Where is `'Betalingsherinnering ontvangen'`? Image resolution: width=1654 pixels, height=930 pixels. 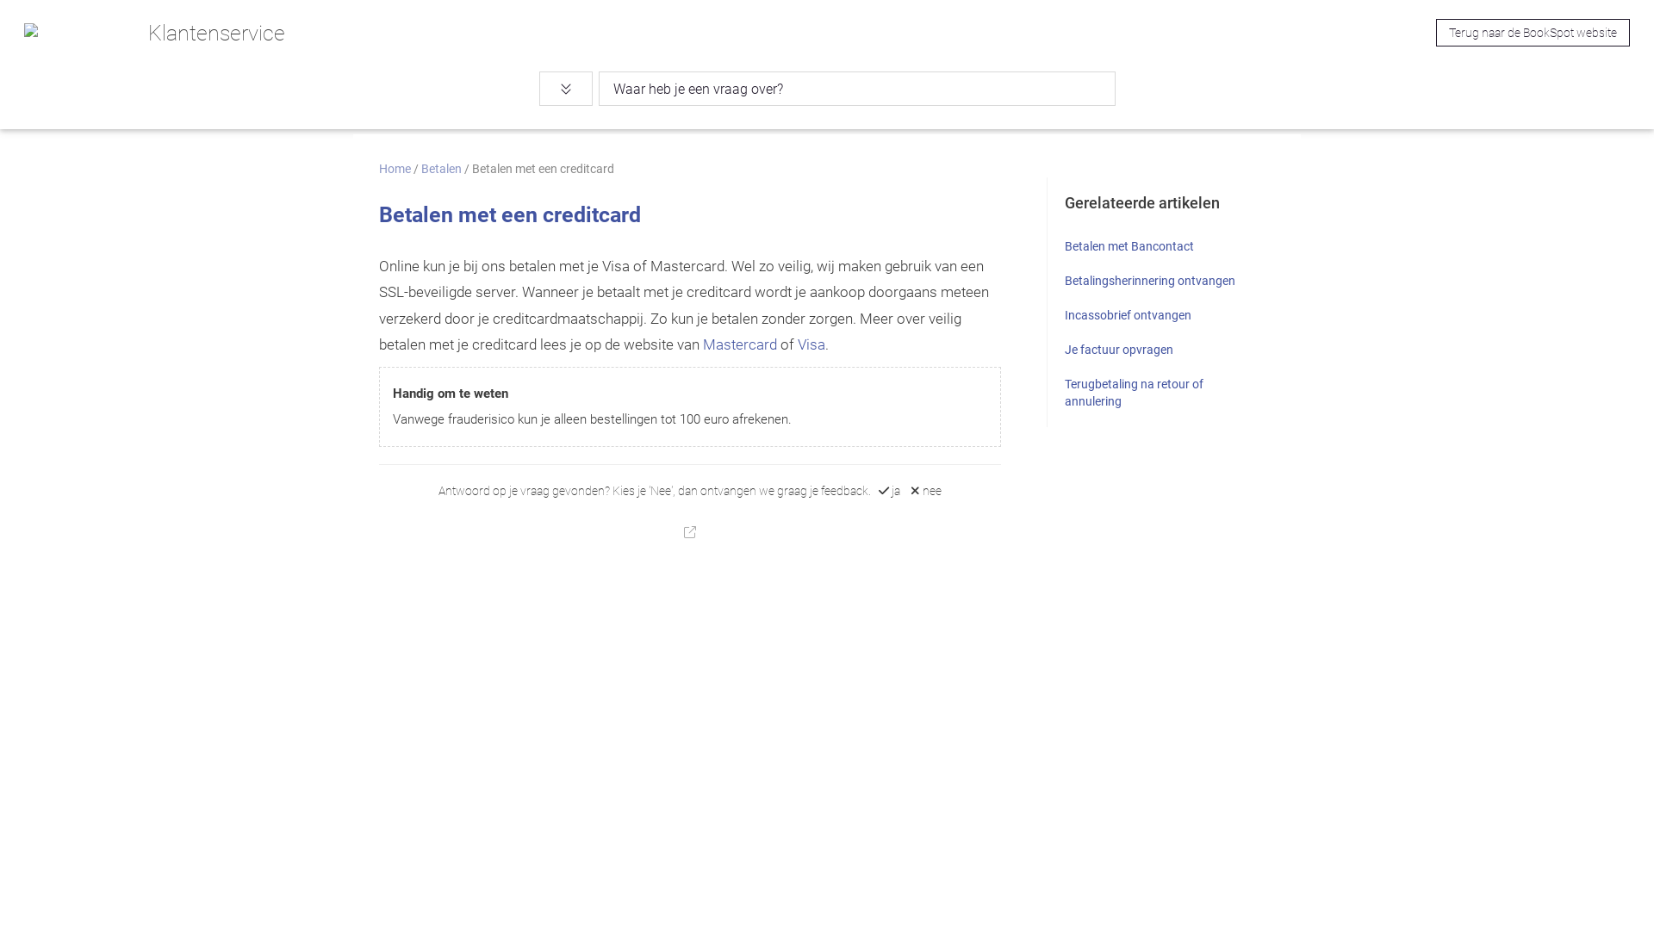 'Betalingsherinnering ontvangen' is located at coordinates (1149, 280).